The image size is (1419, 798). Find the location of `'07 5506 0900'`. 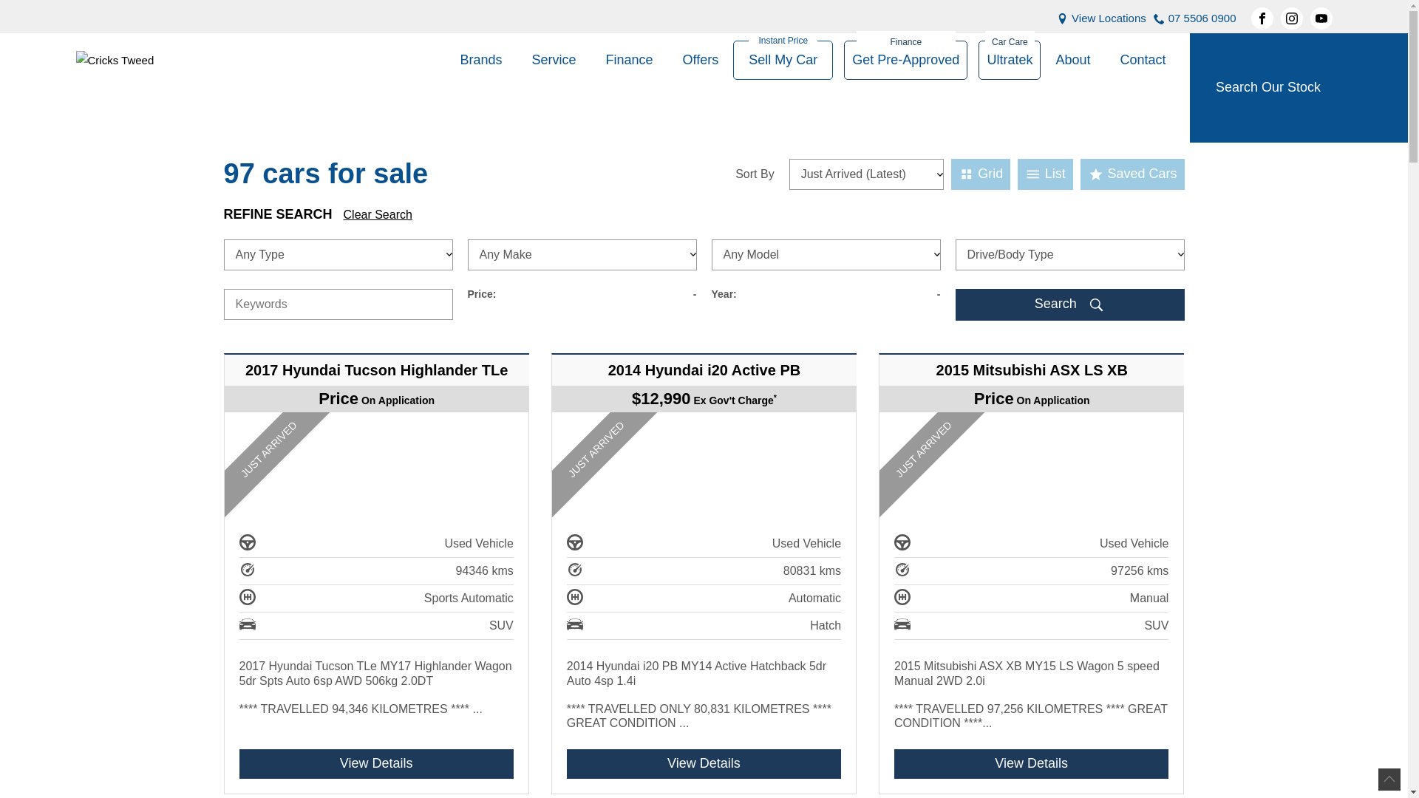

'07 5506 0900' is located at coordinates (1202, 18).